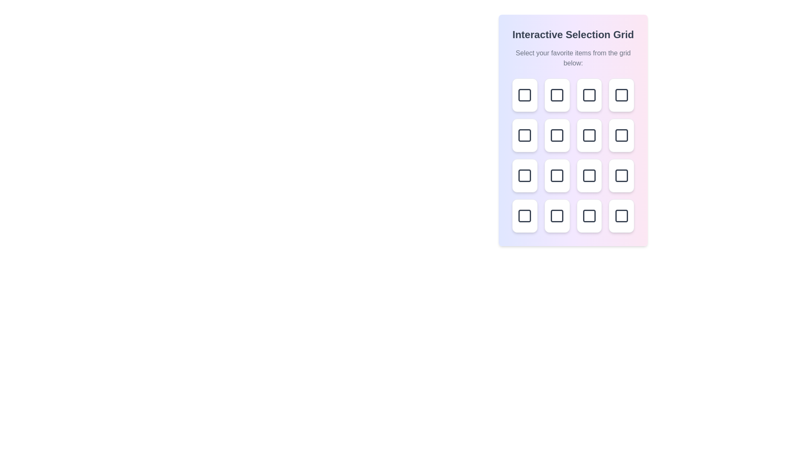 The height and width of the screenshot is (453, 806). What do you see at coordinates (557, 175) in the screenshot?
I see `the graphical vector component, an SVG-based styled rectangle with rounded corners, located in the third row and second column of the grid` at bounding box center [557, 175].